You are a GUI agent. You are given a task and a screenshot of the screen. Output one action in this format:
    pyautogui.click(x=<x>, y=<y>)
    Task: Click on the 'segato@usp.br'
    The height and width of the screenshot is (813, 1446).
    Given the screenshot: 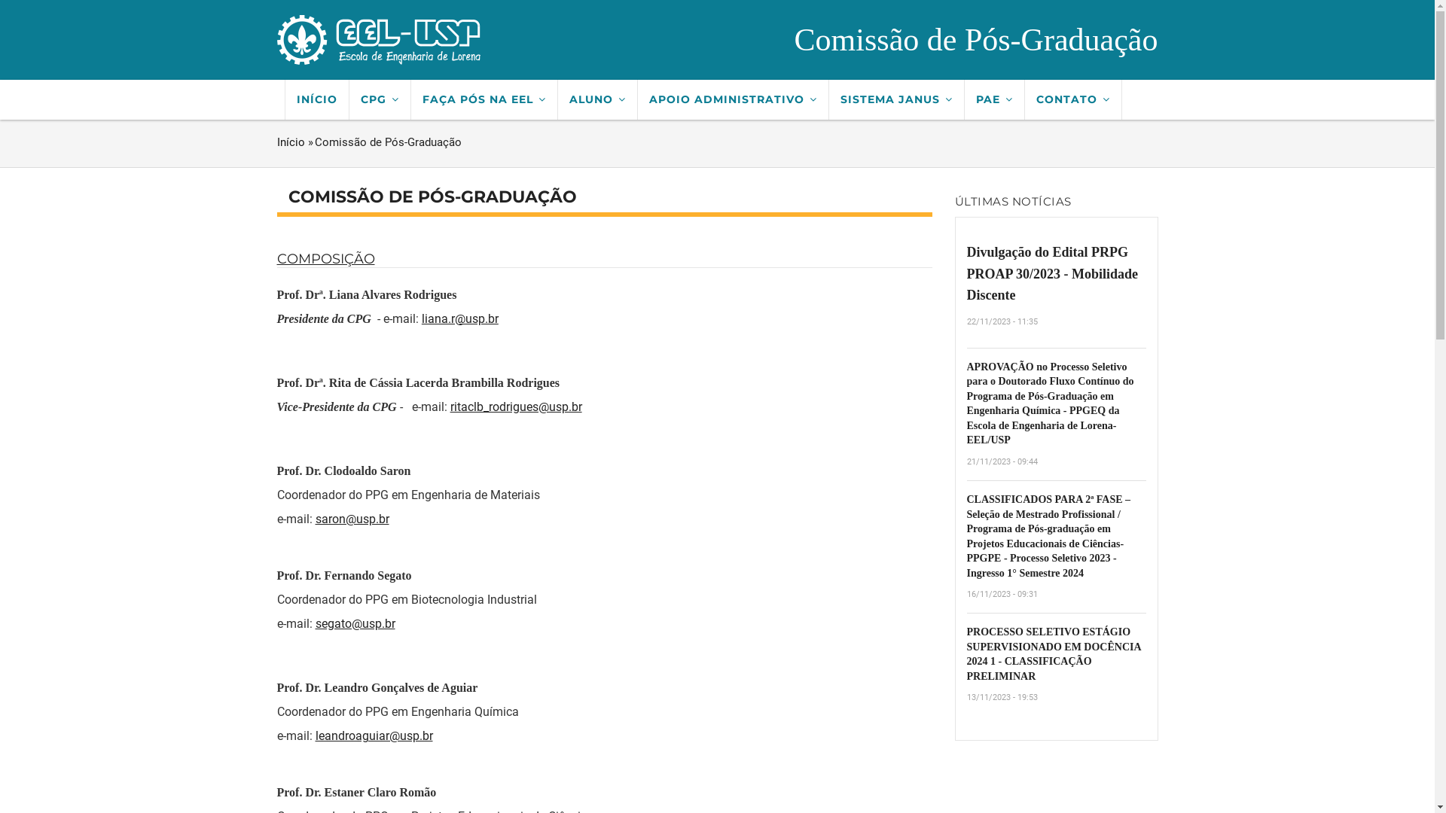 What is the action you would take?
    pyautogui.click(x=353, y=623)
    